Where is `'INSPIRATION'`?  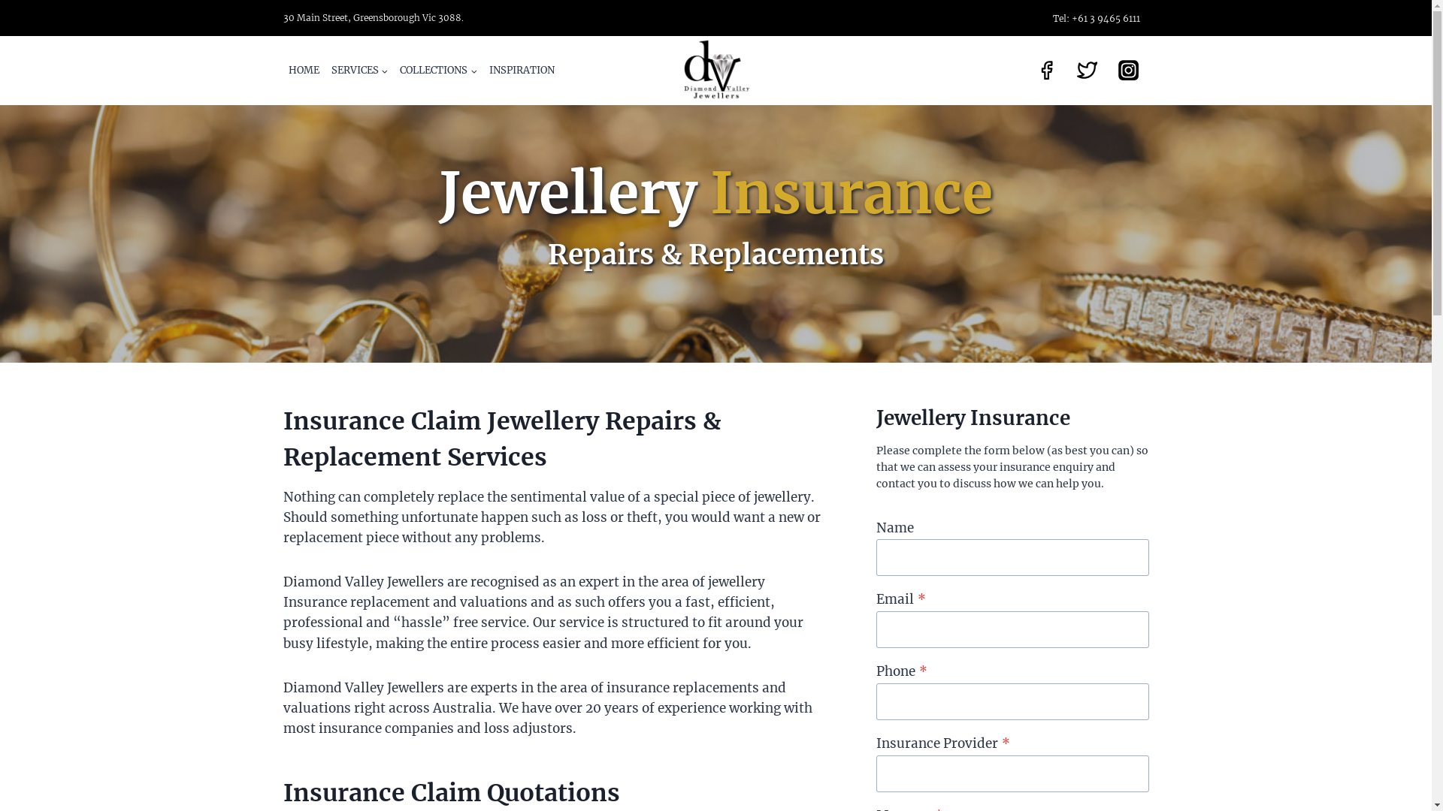 'INSPIRATION' is located at coordinates (522, 70).